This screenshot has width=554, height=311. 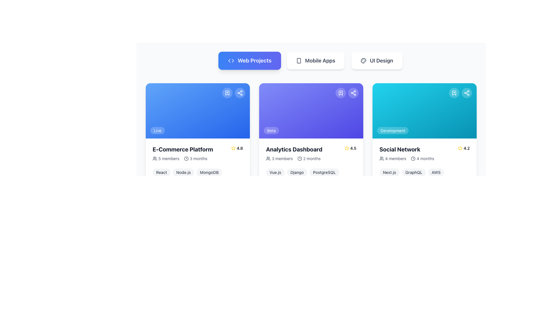 I want to click on the 'Live' tag which is a rounded rectangular label with a semi-transparent white background, positioned near the top-left corner of the first card in the grid layout, so click(x=158, y=130).